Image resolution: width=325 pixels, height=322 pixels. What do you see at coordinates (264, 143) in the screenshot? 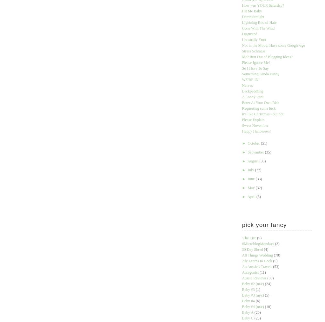
I see `'(51)'` at bounding box center [264, 143].